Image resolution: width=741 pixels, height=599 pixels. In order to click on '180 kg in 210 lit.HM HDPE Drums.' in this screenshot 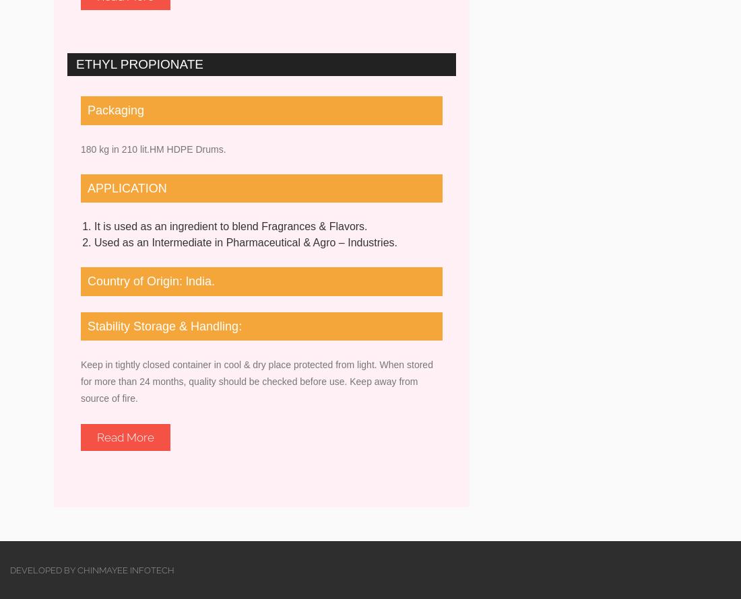, I will do `click(153, 148)`.